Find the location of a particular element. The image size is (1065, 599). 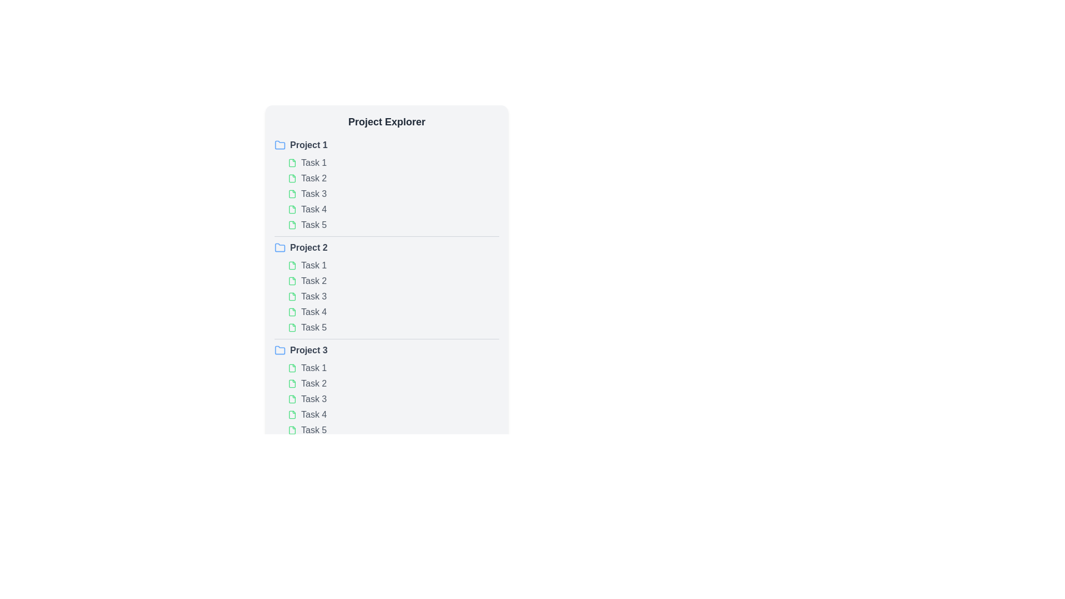

the 'Task 5' text label is located at coordinates (313, 225).